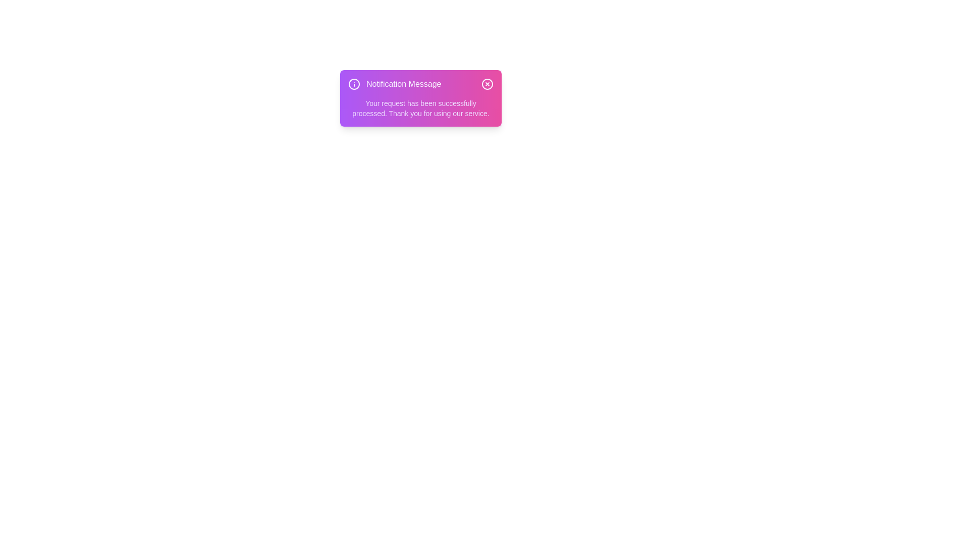 The height and width of the screenshot is (545, 969). I want to click on the close notification icon located in the top-right corner of the notification card, so click(487, 83).